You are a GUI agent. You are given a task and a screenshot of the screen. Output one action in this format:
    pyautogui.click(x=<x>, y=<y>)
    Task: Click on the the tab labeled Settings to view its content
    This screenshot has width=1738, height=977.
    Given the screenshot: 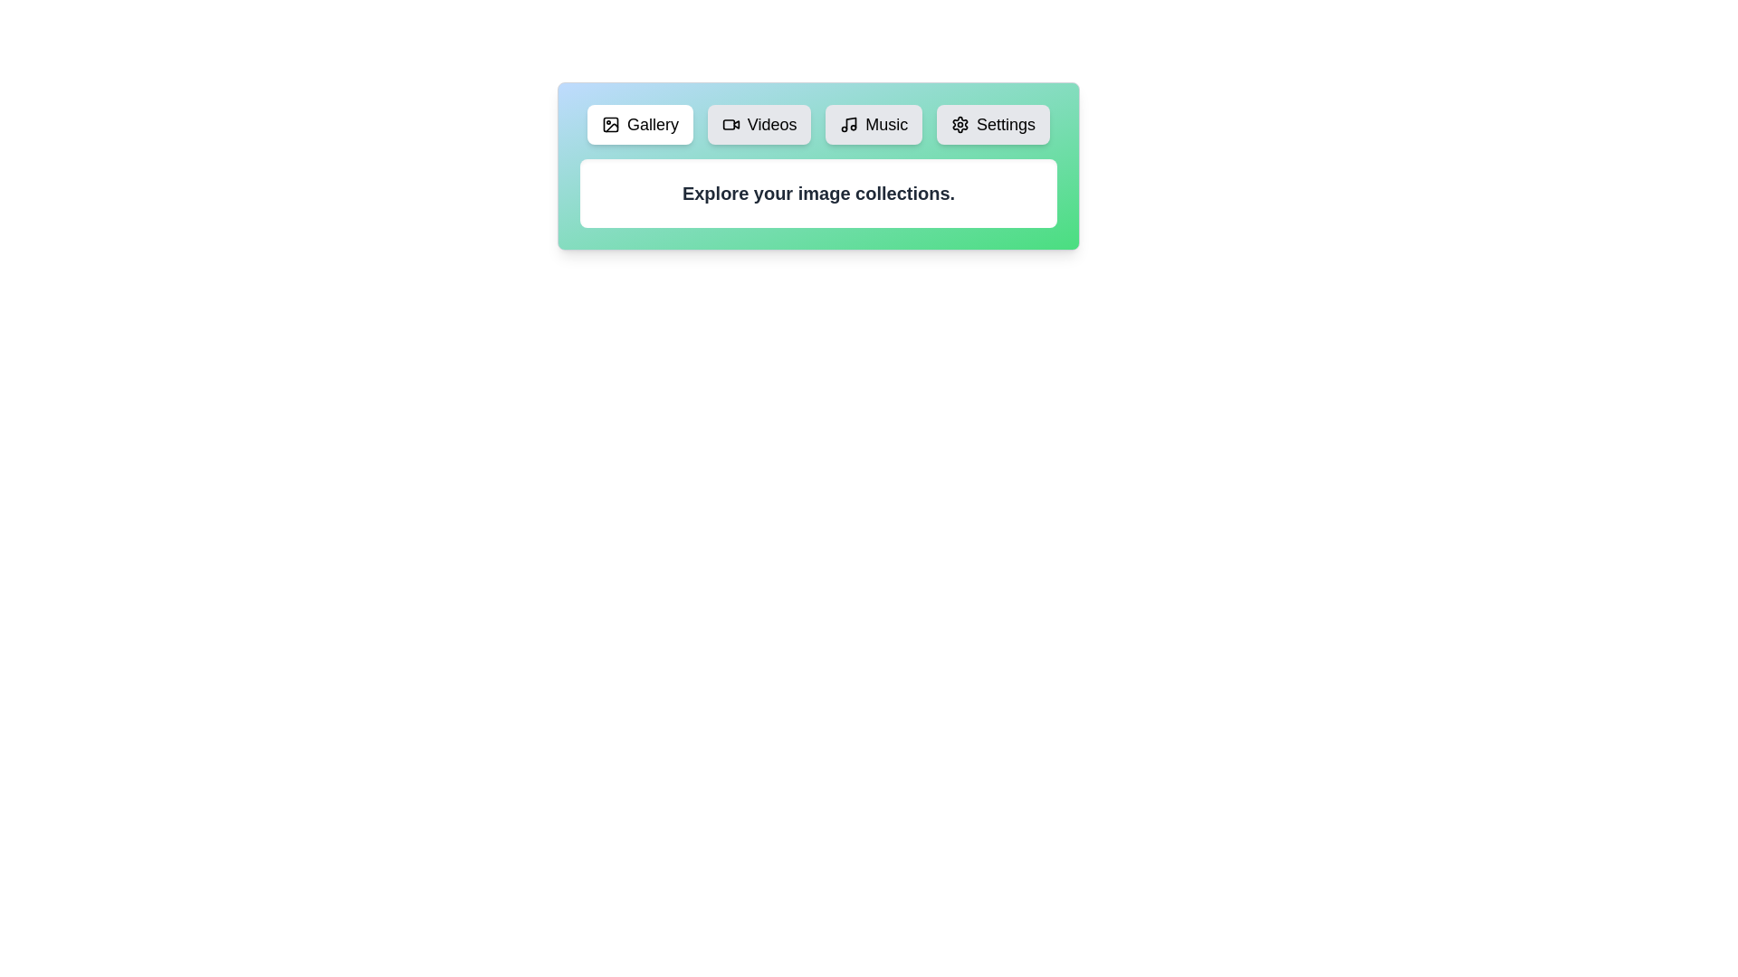 What is the action you would take?
    pyautogui.click(x=993, y=124)
    